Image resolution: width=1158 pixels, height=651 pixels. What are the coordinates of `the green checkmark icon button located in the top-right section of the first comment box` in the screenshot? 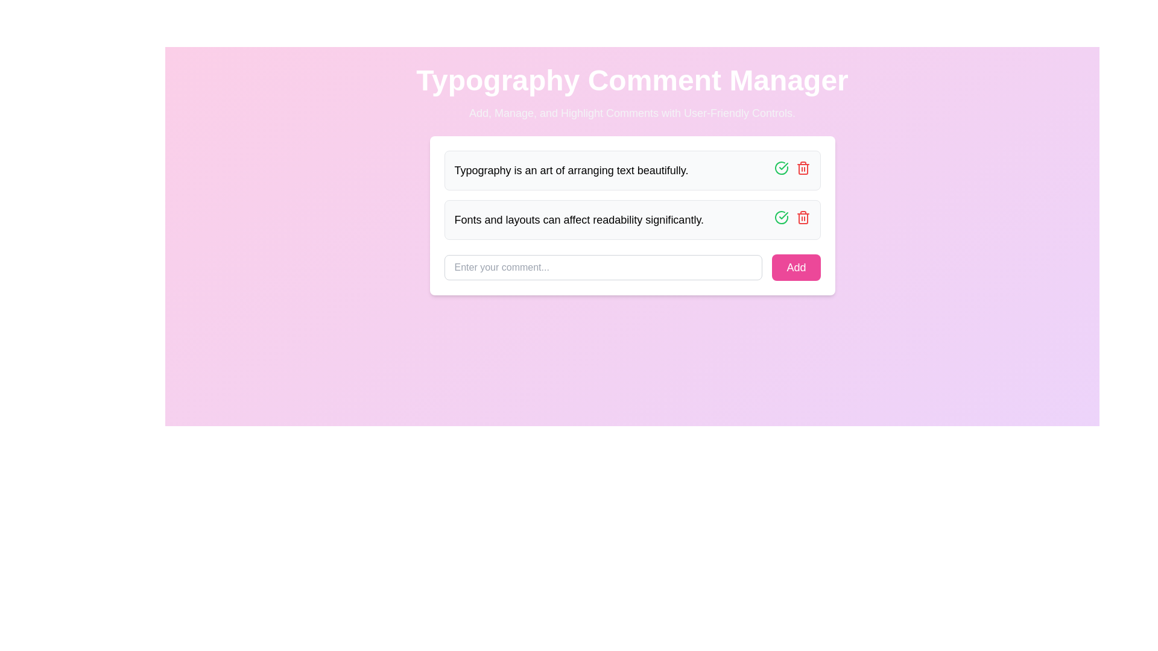 It's located at (781, 168).